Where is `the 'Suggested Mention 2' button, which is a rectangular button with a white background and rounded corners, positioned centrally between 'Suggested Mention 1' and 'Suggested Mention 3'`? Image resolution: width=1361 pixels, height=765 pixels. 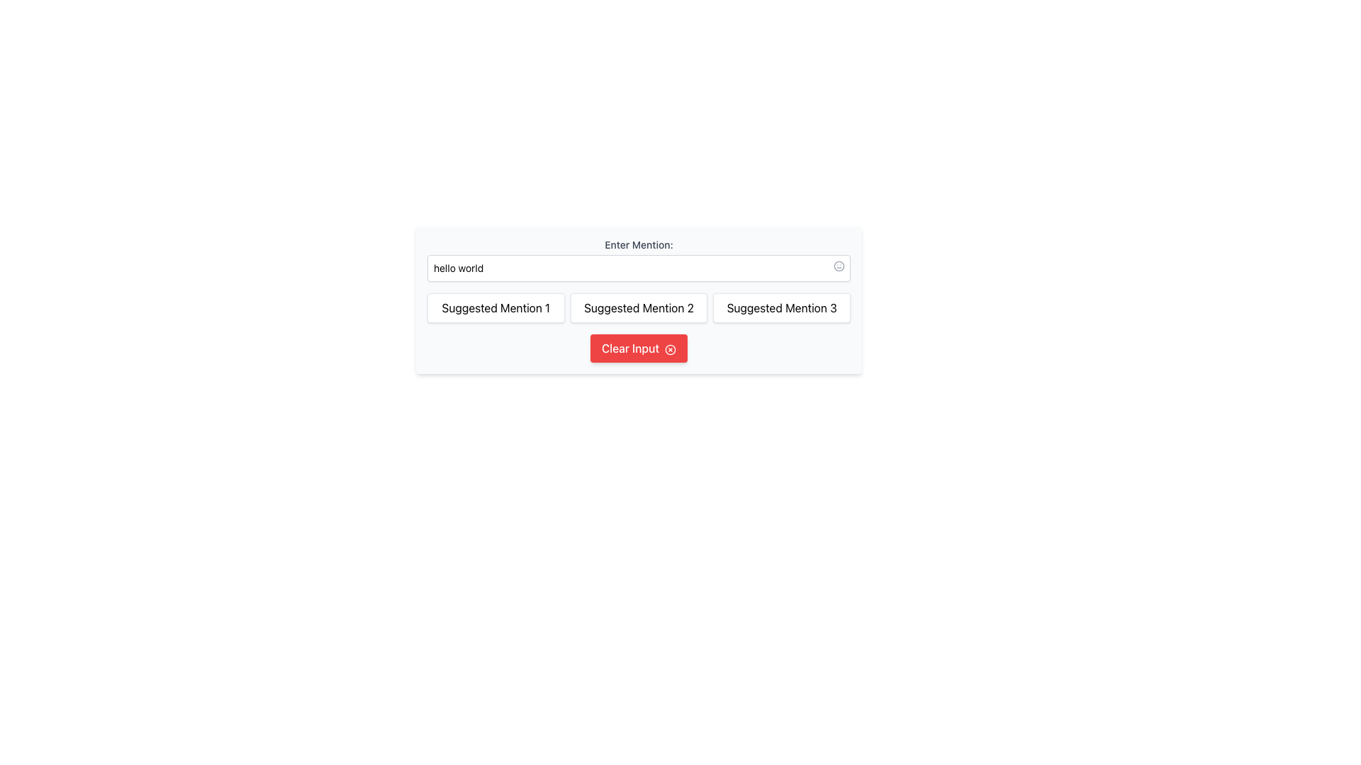 the 'Suggested Mention 2' button, which is a rectangular button with a white background and rounded corners, positioned centrally between 'Suggested Mention 1' and 'Suggested Mention 3' is located at coordinates (638, 307).